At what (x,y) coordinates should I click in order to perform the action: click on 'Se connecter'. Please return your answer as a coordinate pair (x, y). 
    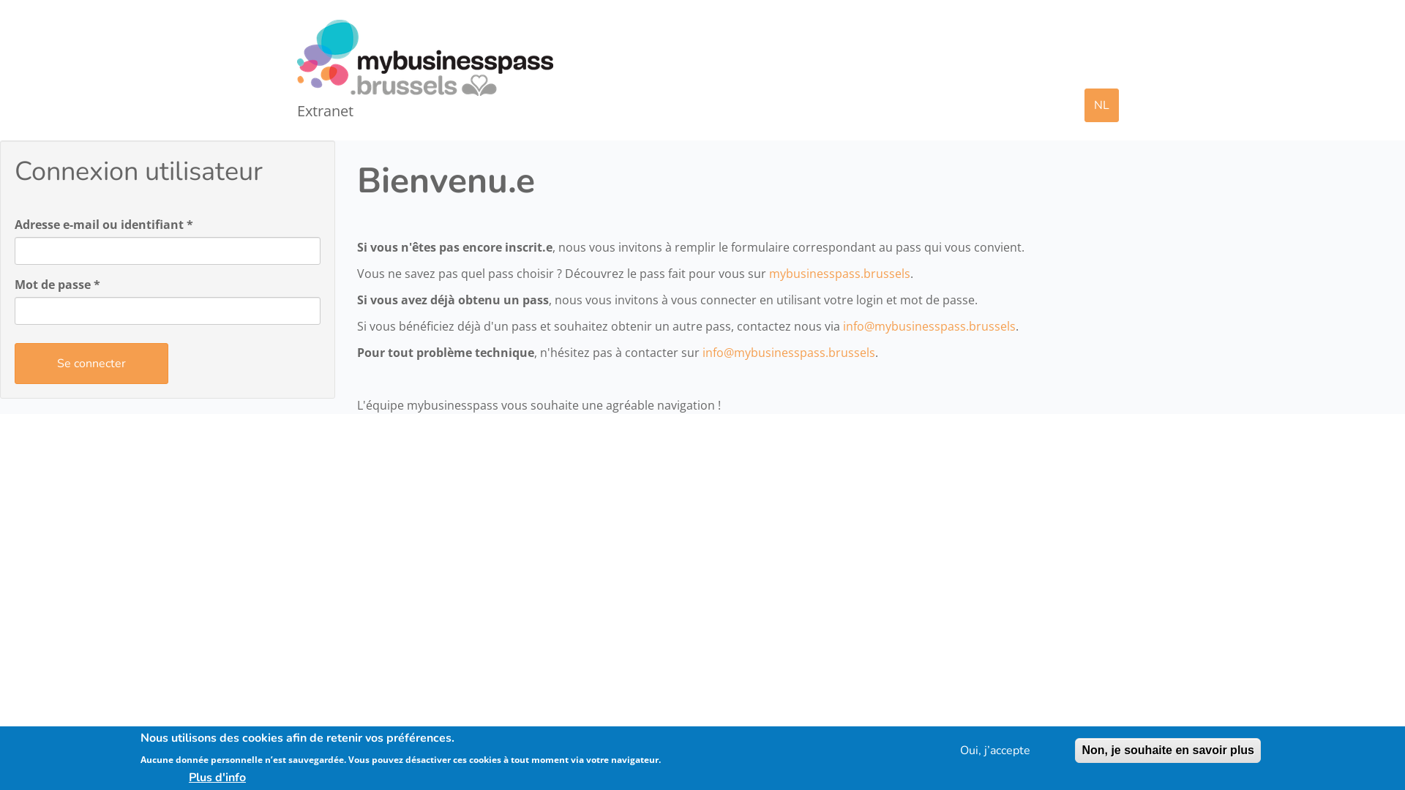
    Looking at the image, I should click on (90, 363).